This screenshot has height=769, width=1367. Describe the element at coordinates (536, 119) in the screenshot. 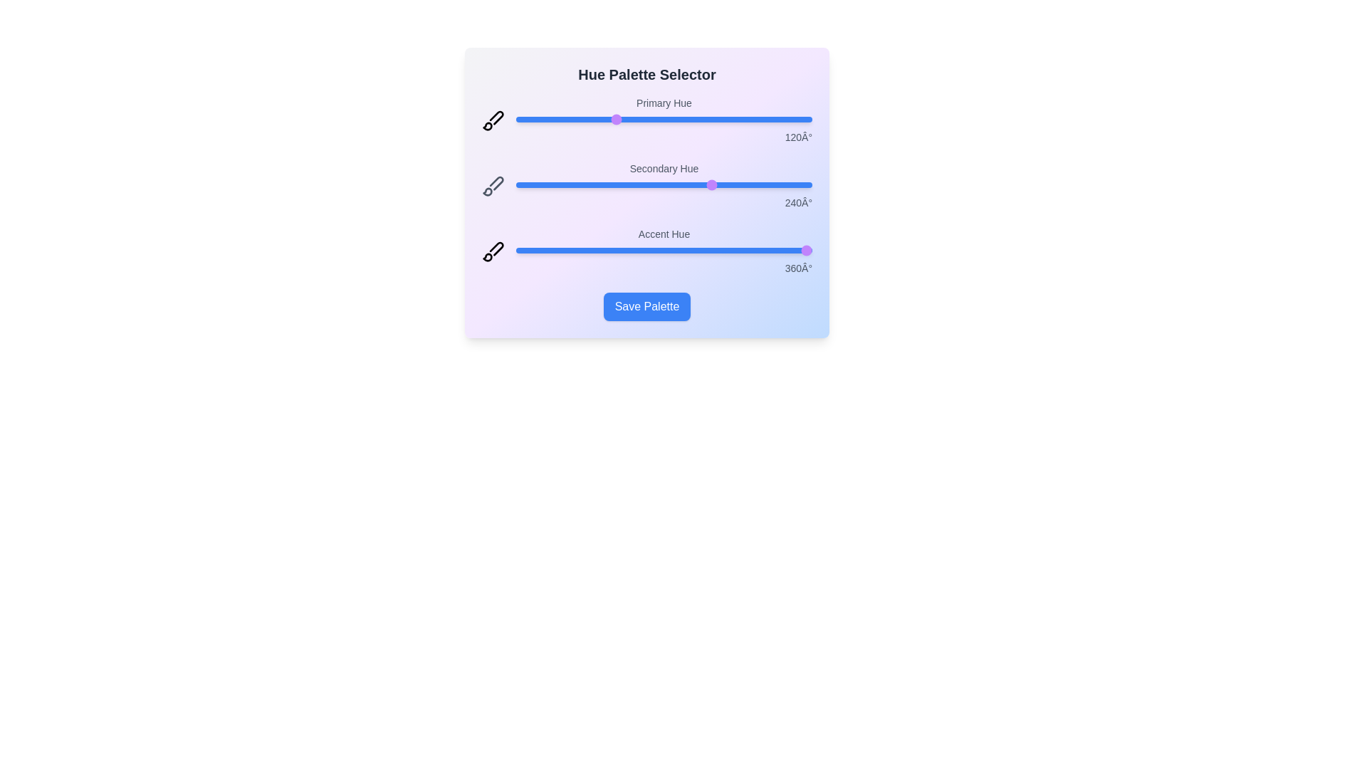

I see `the 'Primary Hue' slider to 26 degrees` at that location.